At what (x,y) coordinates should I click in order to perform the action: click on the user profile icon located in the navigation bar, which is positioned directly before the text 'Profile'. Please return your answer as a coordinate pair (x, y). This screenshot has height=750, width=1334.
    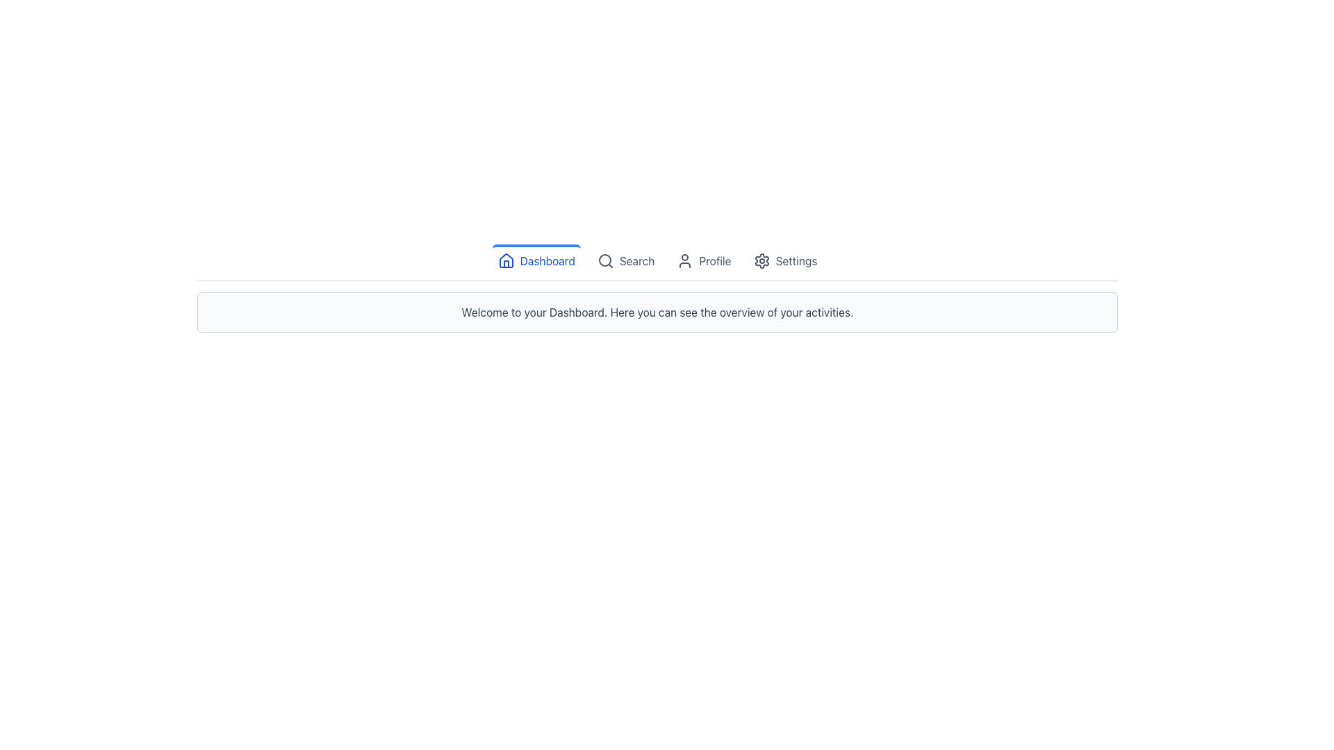
    Looking at the image, I should click on (685, 260).